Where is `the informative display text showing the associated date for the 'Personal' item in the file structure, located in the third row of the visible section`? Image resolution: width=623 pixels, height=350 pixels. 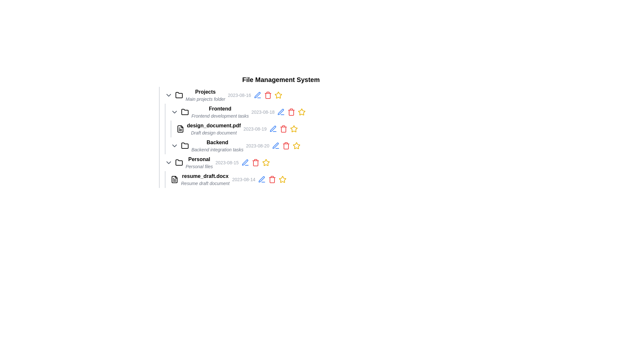
the informative display text showing the associated date for the 'Personal' item in the file structure, located in the third row of the visible section is located at coordinates (227, 162).